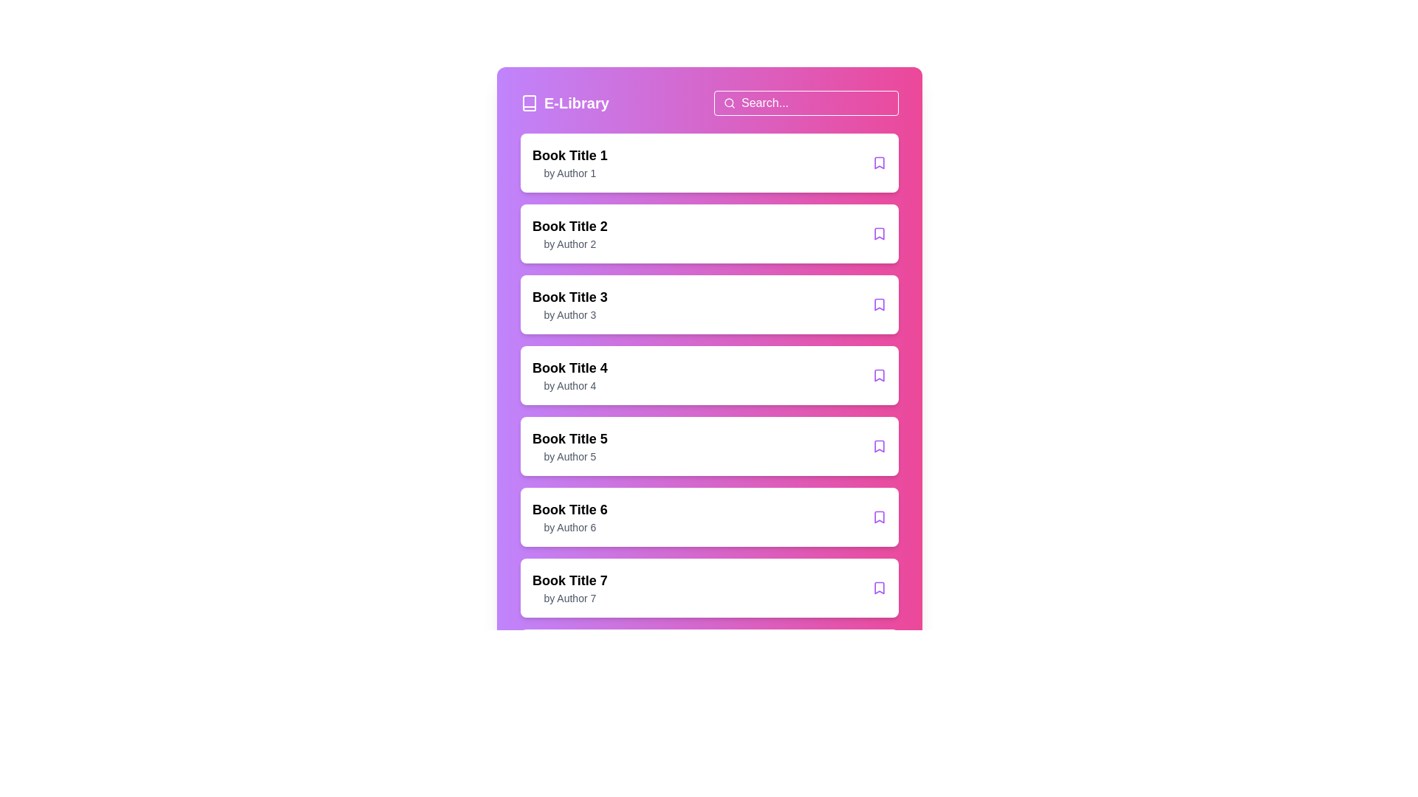 The height and width of the screenshot is (797, 1418). I want to click on the bookmark icon located, so click(879, 303).